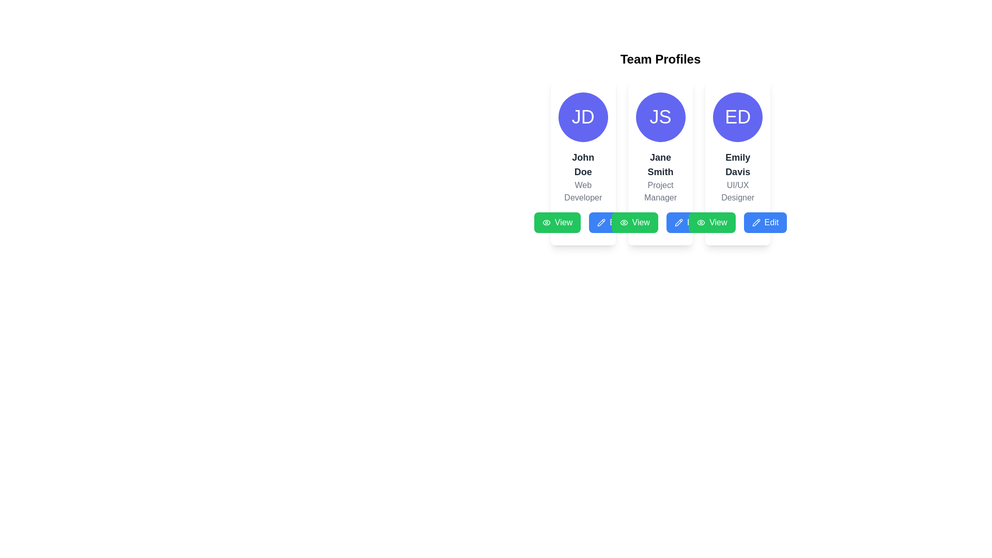 This screenshot has height=558, width=992. I want to click on bold text labeled 'Emily Davis' displayed in dark gray color, which is positioned below the avatar icon and above the subtitle 'UI/UX Designer' within the white card, so click(737, 164).